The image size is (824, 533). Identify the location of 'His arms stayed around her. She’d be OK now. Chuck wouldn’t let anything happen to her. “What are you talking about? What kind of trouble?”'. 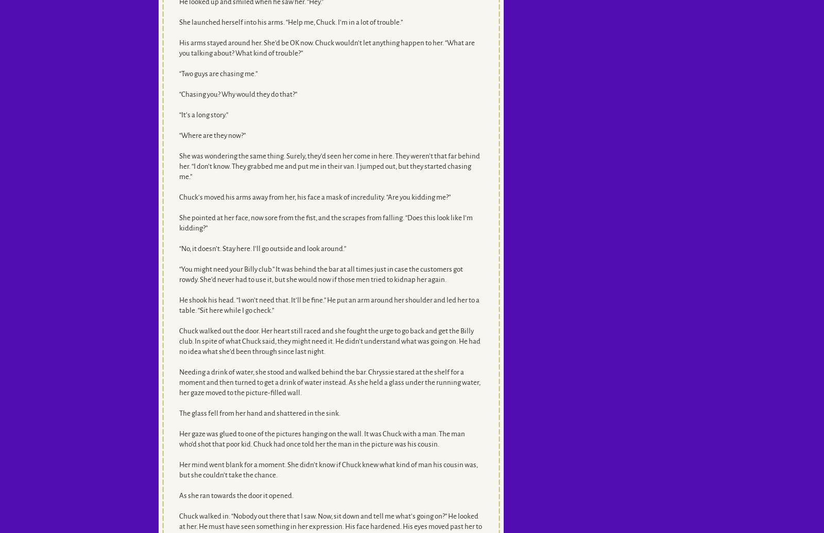
(327, 48).